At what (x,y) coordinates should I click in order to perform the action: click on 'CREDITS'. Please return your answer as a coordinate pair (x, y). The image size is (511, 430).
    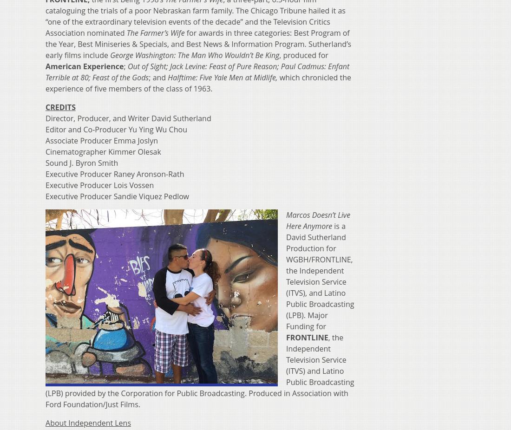
    Looking at the image, I should click on (60, 106).